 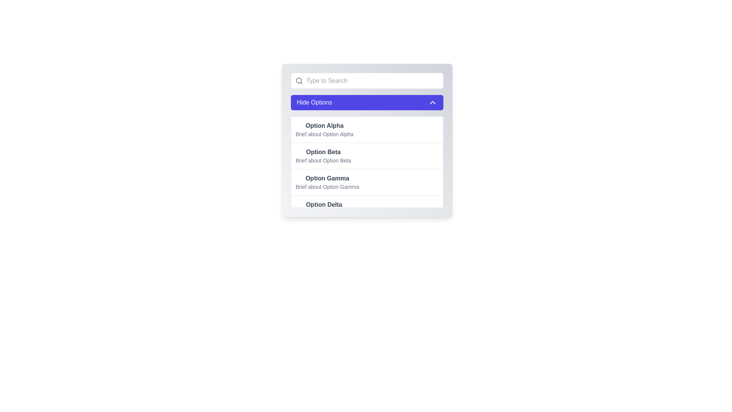 I want to click on the list item labeled 'Option Delta' which is the last item, so click(x=324, y=209).